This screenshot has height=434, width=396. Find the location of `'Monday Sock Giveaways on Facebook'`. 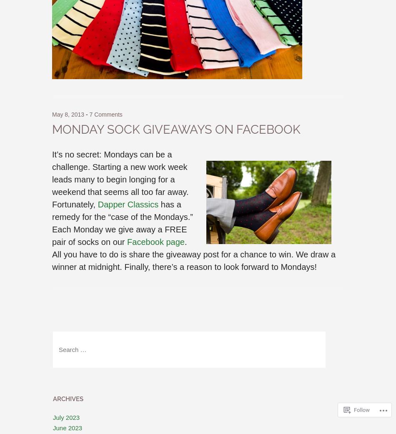

'Monday Sock Giveaways on Facebook' is located at coordinates (52, 130).